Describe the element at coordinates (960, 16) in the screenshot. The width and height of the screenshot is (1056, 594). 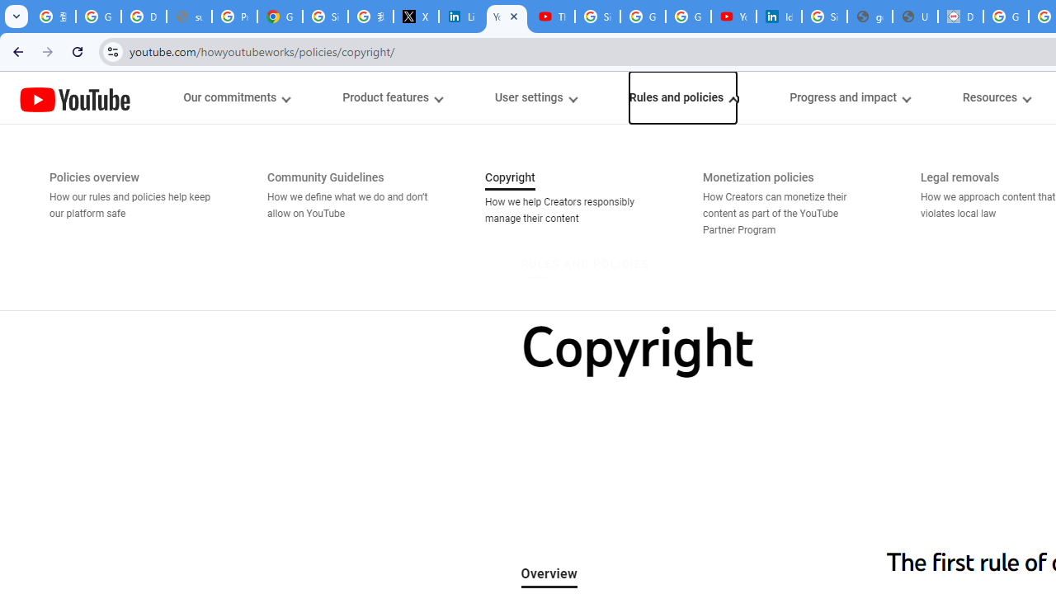
I see `'Data Privacy Framework'` at that location.